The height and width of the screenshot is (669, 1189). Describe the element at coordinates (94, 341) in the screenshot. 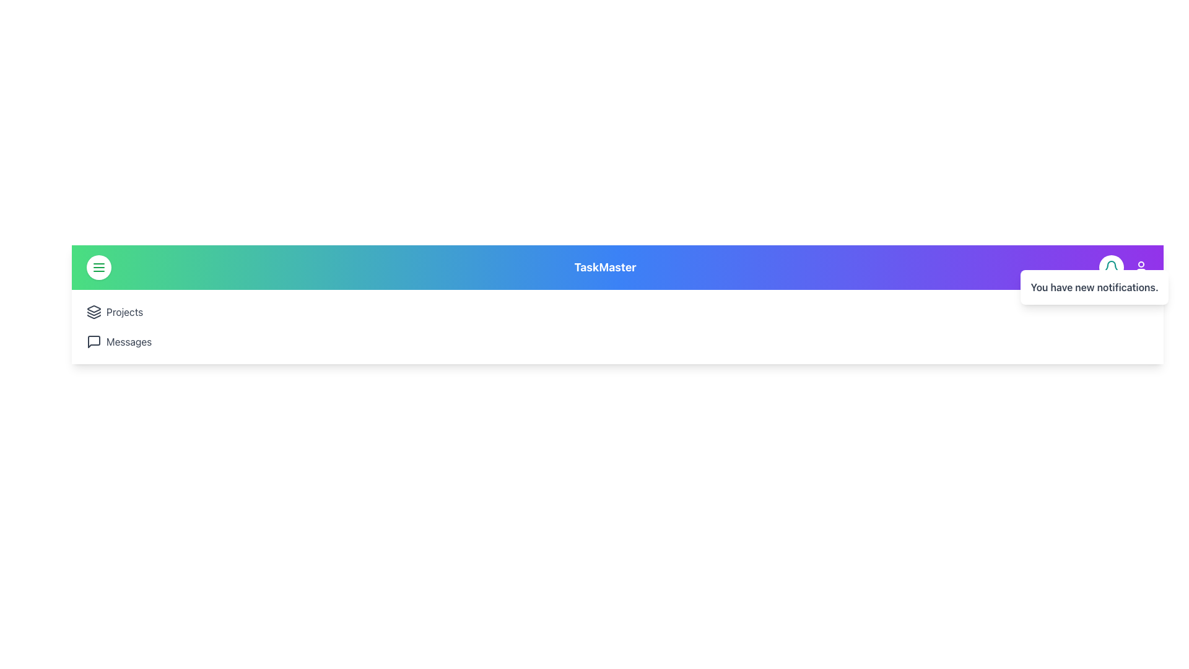

I see `the 'Messages' icon, which is the second interactive graphic under the menu button, located beneath the 'Projects' icon and to the left of the 'Messages' text` at that location.